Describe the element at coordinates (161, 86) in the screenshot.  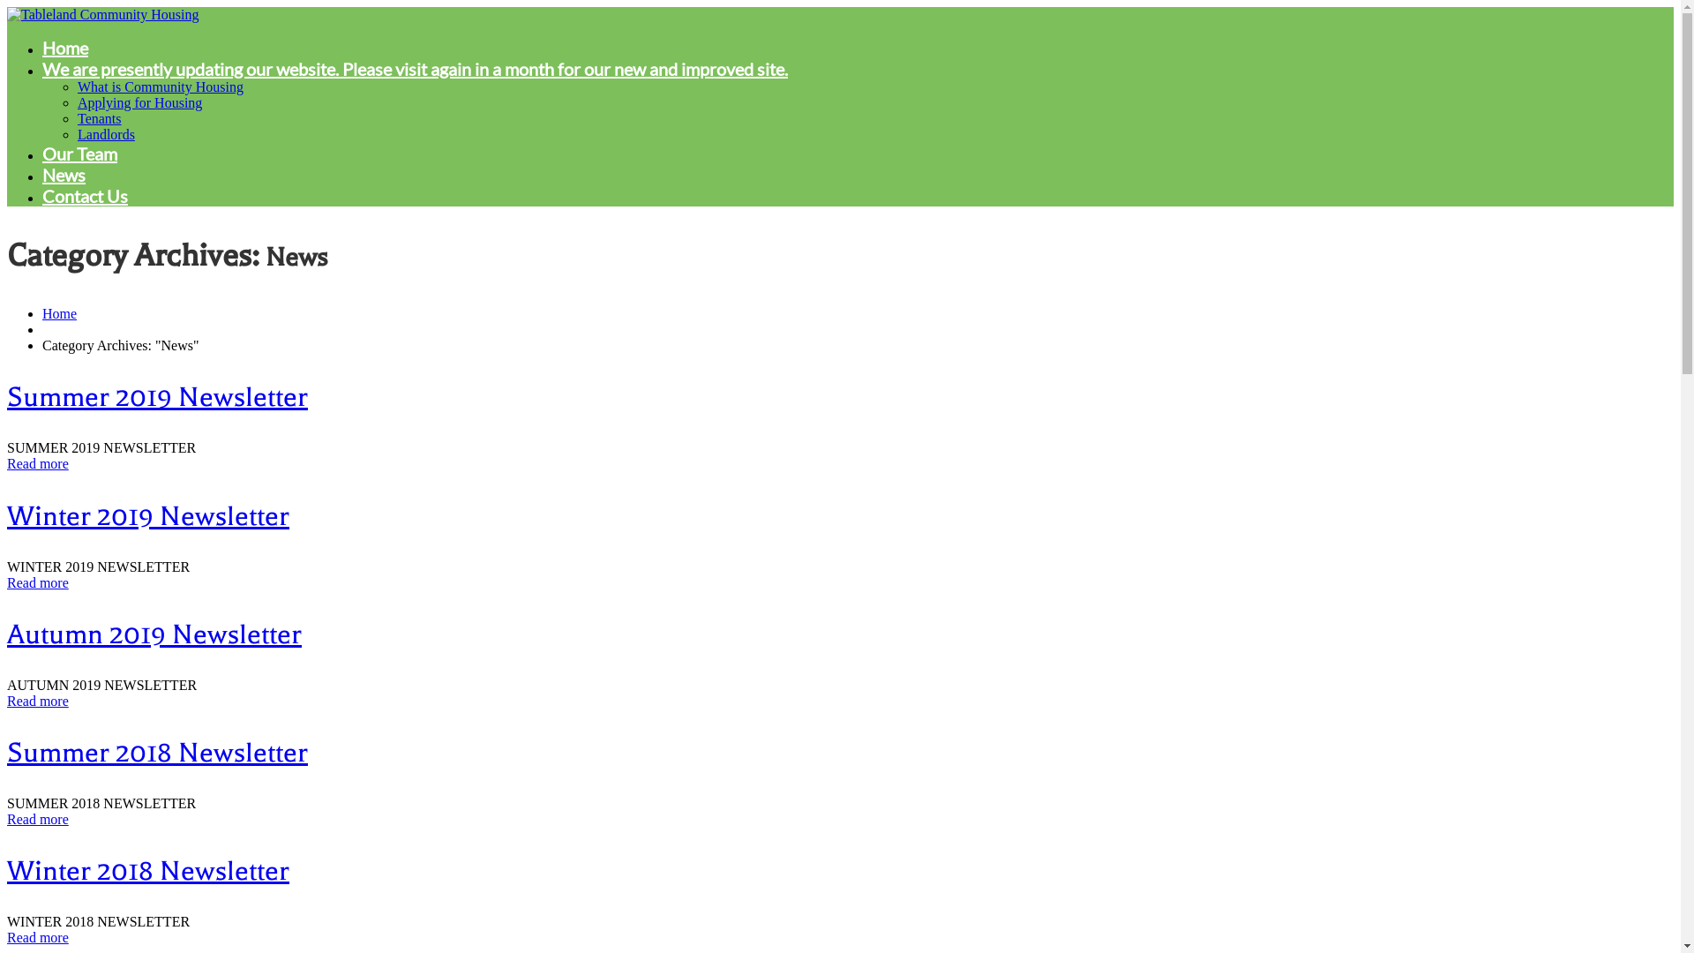
I see `'What is Community Housing'` at that location.